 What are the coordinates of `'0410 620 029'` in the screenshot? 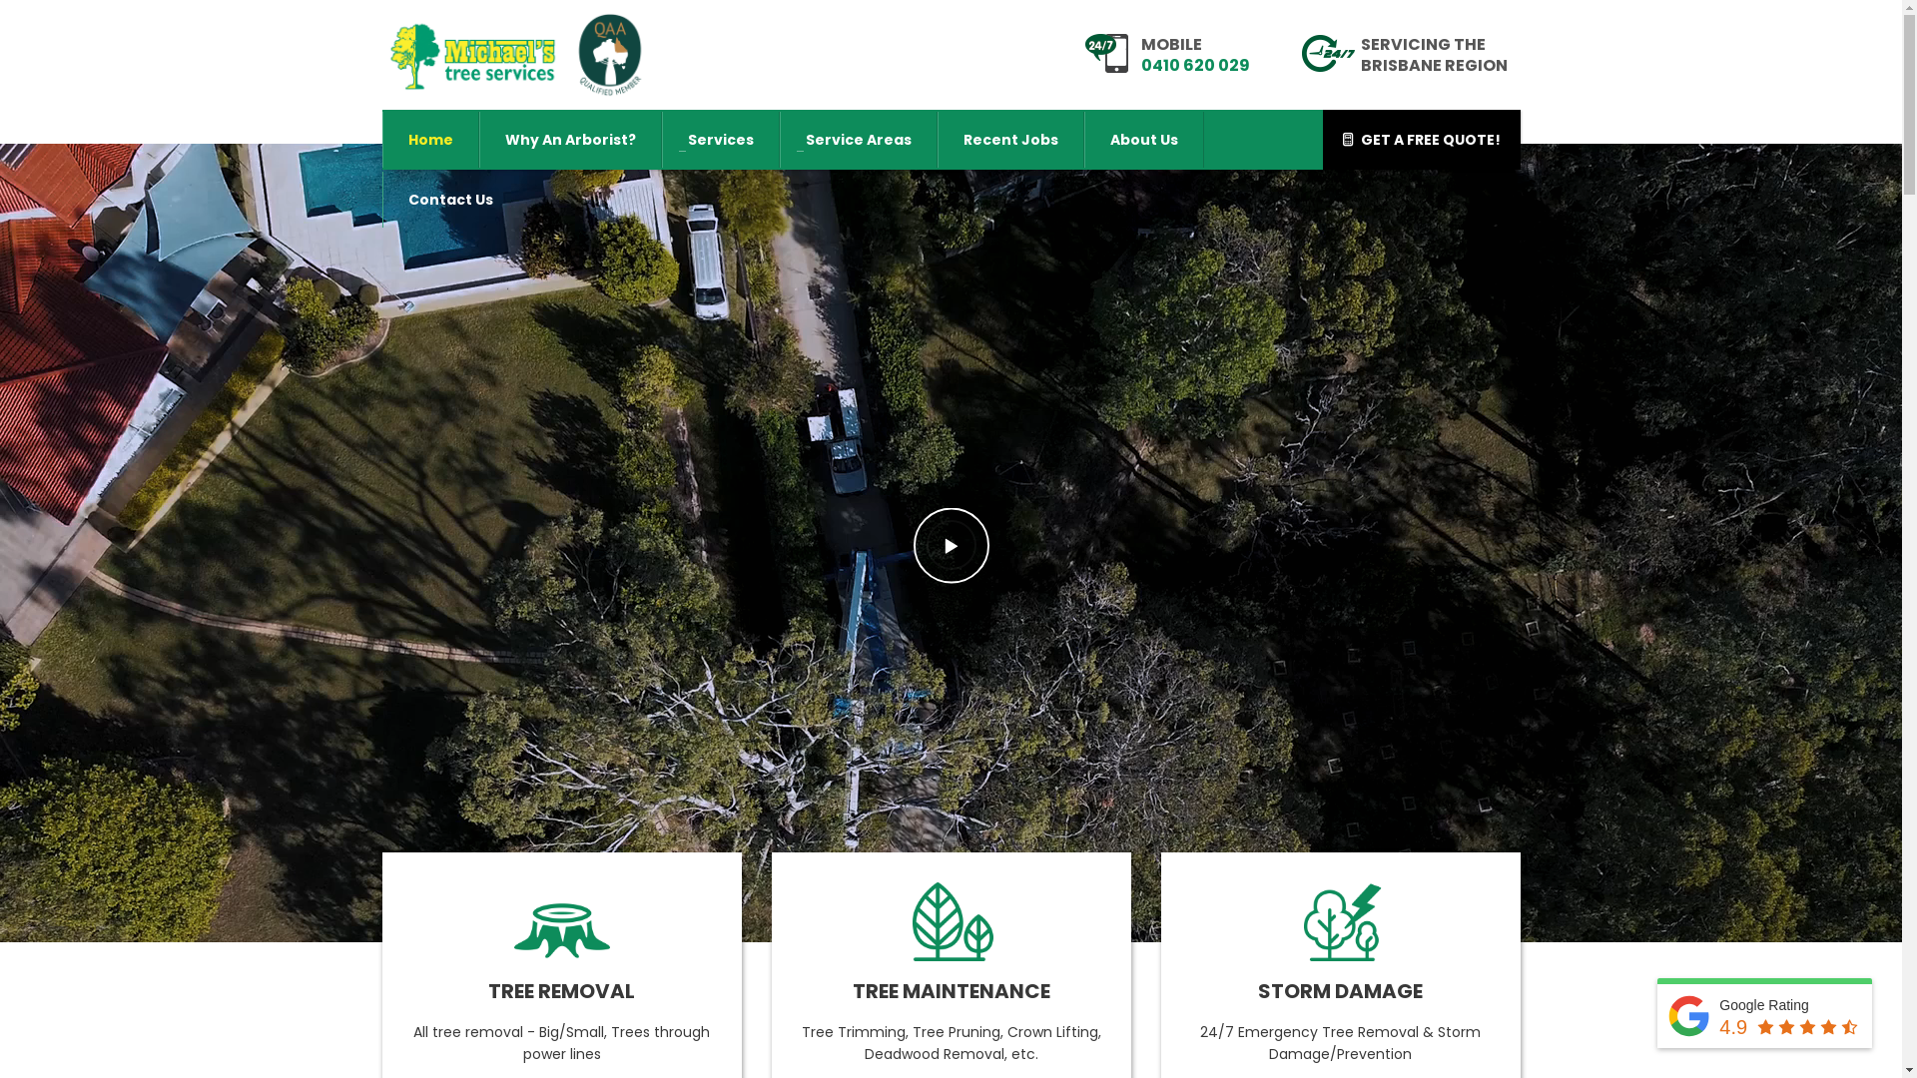 It's located at (1189, 64).